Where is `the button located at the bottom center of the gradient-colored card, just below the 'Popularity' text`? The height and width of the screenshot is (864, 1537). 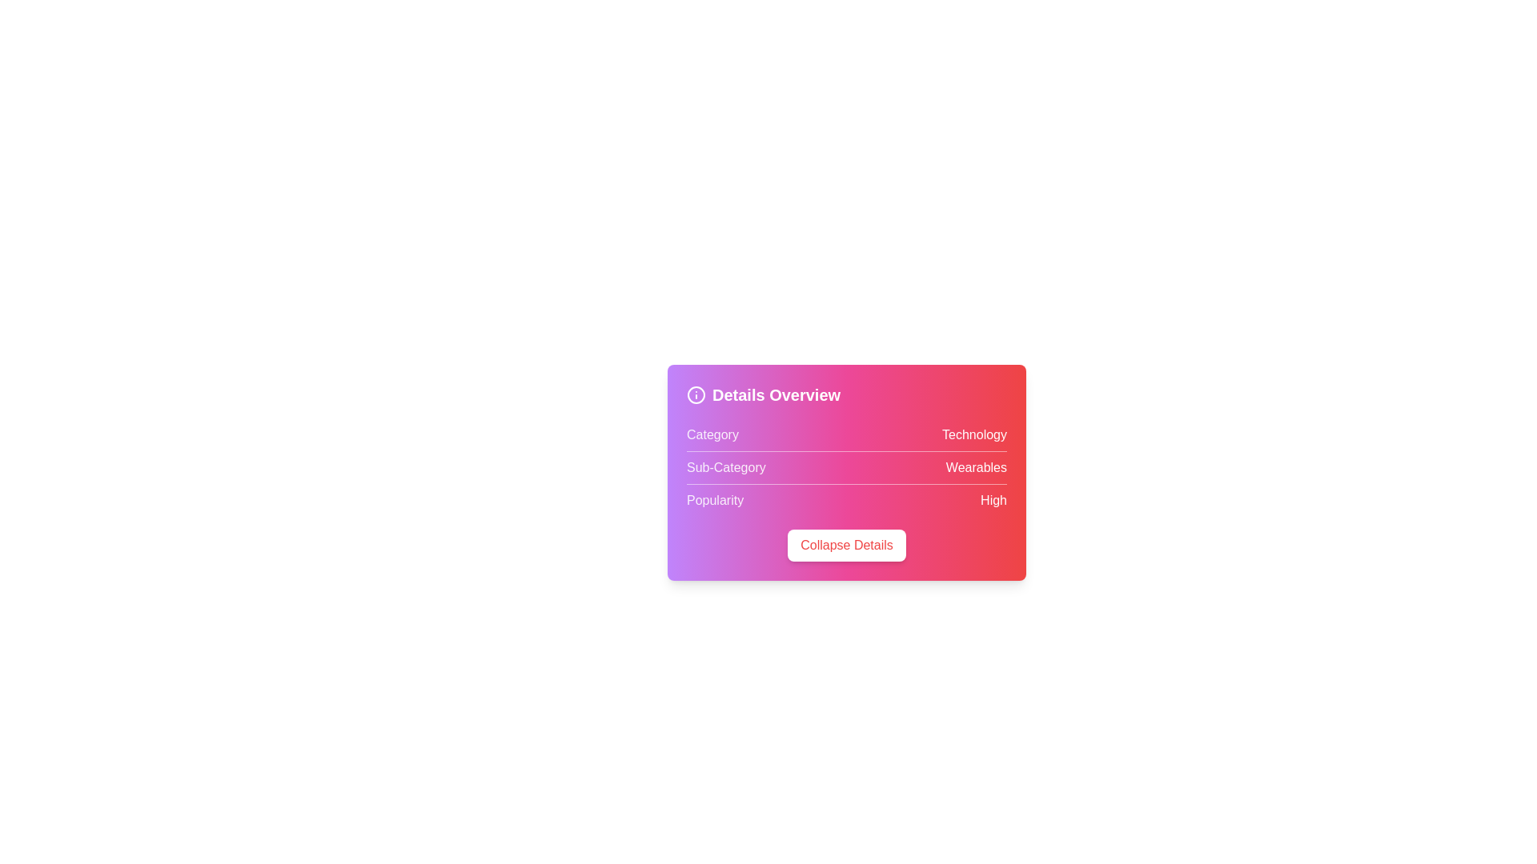
the button located at the bottom center of the gradient-colored card, just below the 'Popularity' text is located at coordinates (845, 545).